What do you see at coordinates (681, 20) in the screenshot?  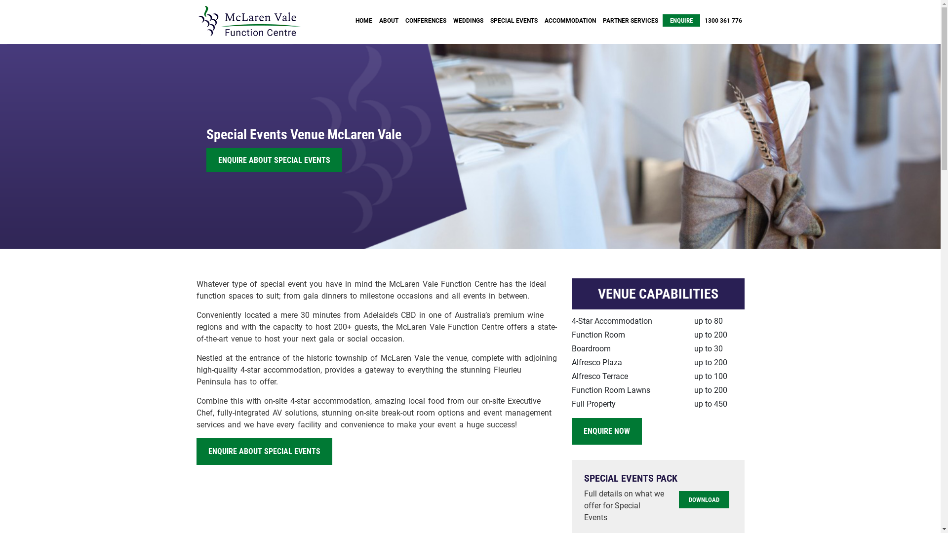 I see `'ENQUIRE'` at bounding box center [681, 20].